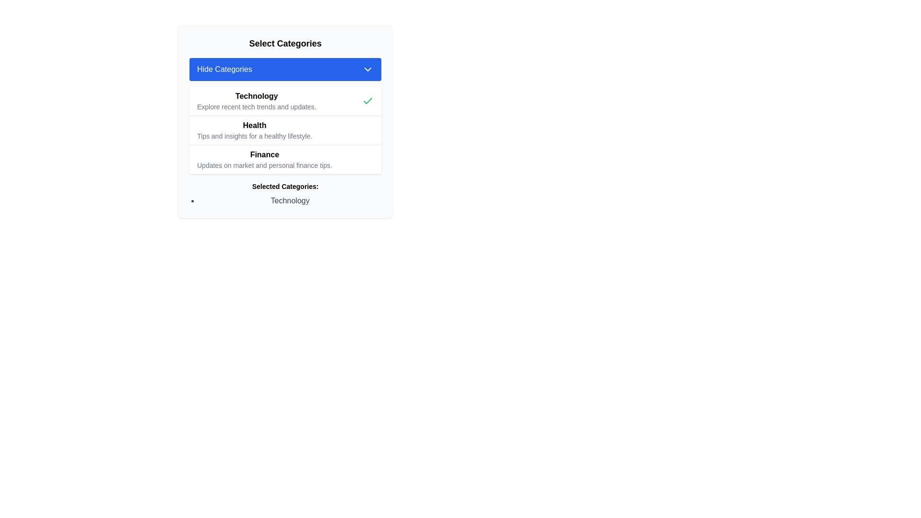 This screenshot has height=518, width=921. I want to click on the 'Finance' text label, which serves as the category header for financial updates and tips located under the 'Health' section in the 'Select Categories' panel, so click(264, 154).